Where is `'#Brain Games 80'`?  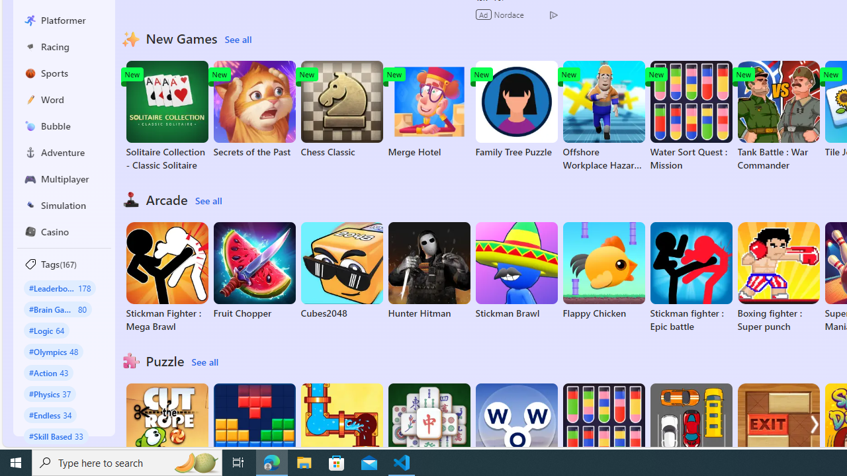 '#Brain Games 80' is located at coordinates (57, 309).